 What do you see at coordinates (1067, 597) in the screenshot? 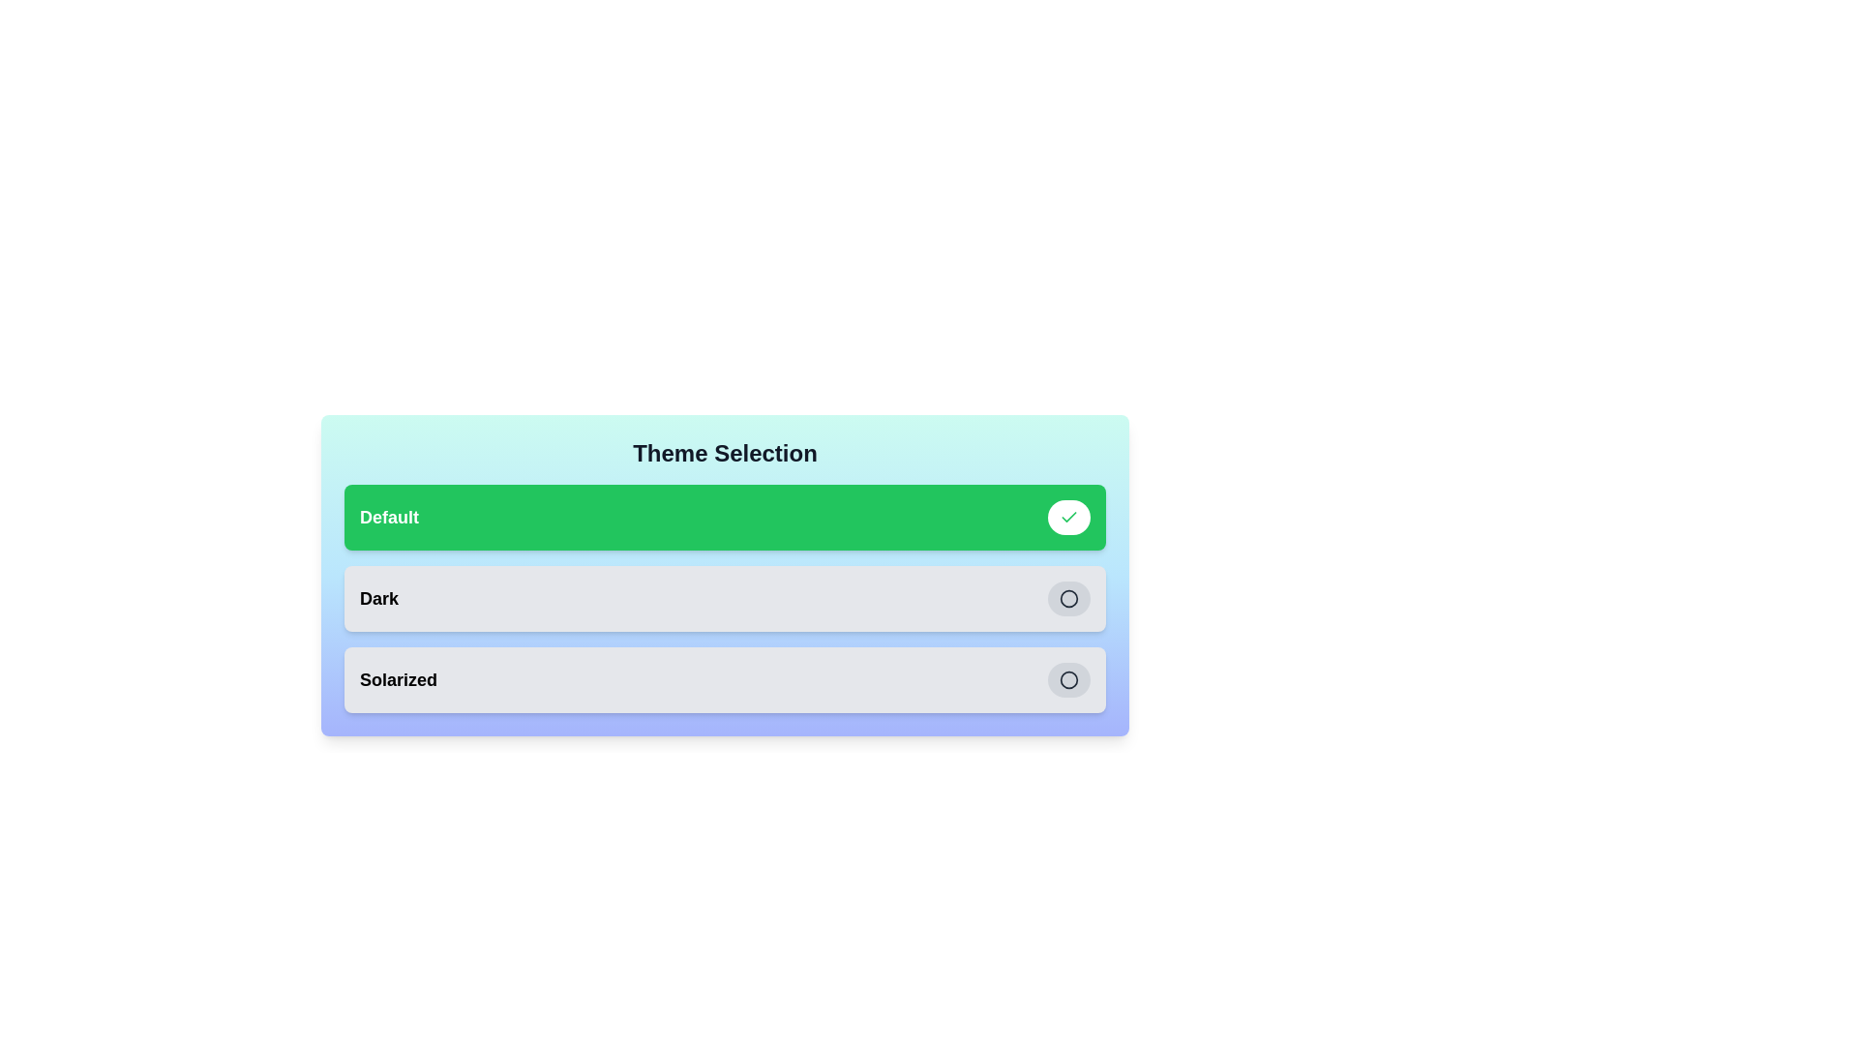
I see `the theme Dark by clicking its corresponding button` at bounding box center [1067, 597].